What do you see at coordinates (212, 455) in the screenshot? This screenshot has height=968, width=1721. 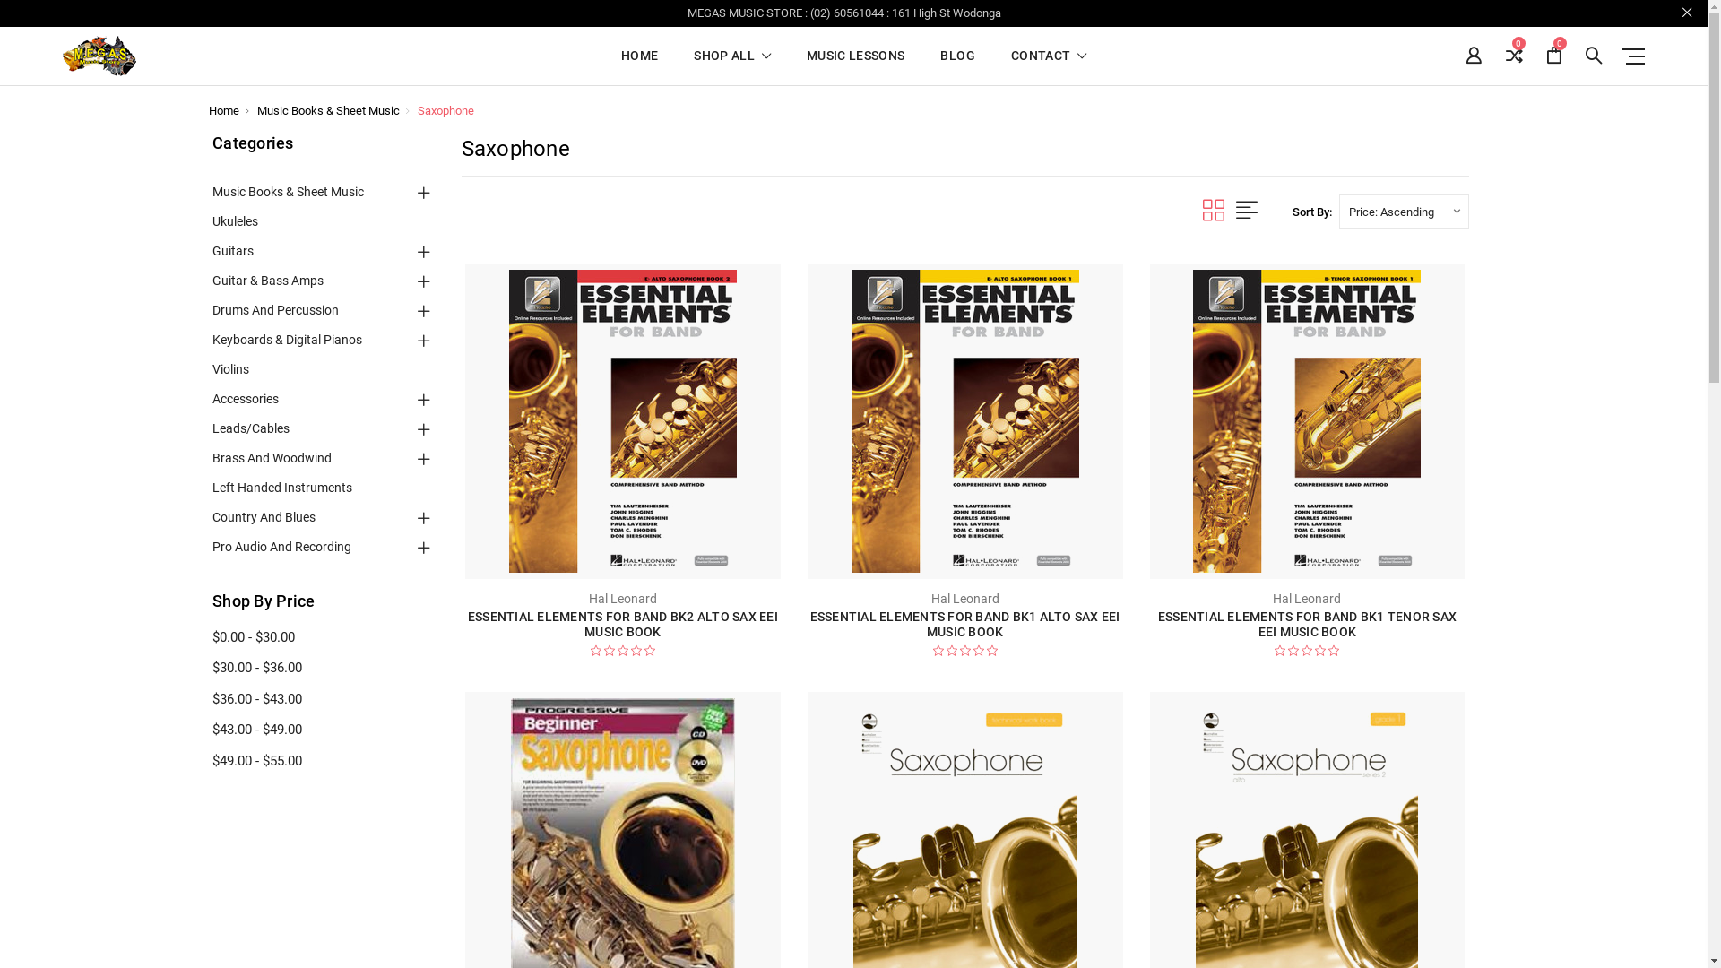 I see `'Brass And Woodwind'` at bounding box center [212, 455].